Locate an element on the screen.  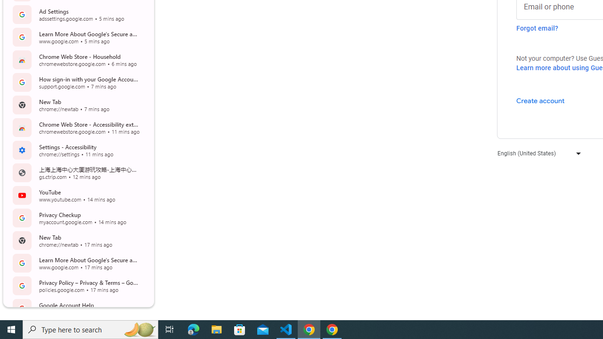
'Microsoft Store' is located at coordinates (240, 329).